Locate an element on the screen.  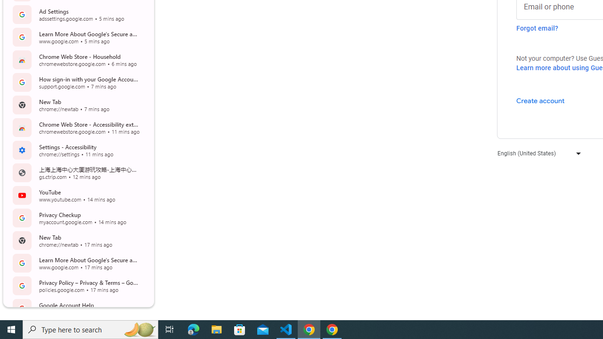
'Microsoft Store' is located at coordinates (240, 329).